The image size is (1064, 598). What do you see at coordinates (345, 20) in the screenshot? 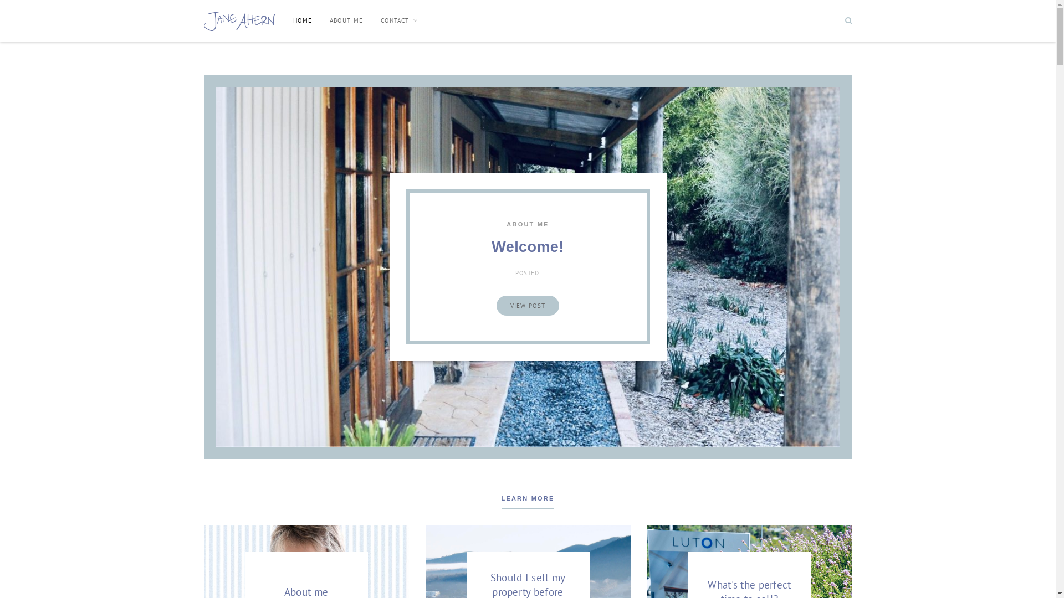
I see `'ABOUT ME'` at bounding box center [345, 20].